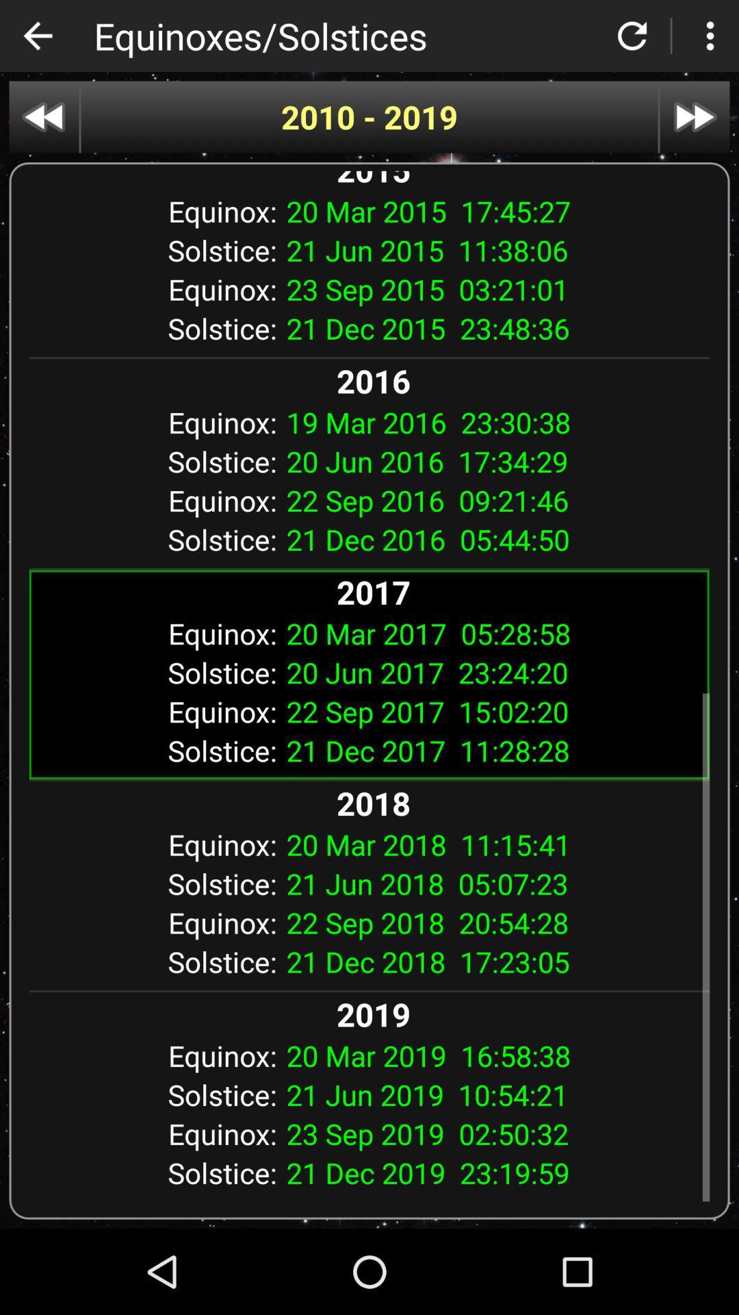 This screenshot has width=739, height=1315. Describe the element at coordinates (709, 36) in the screenshot. I see `show more options` at that location.